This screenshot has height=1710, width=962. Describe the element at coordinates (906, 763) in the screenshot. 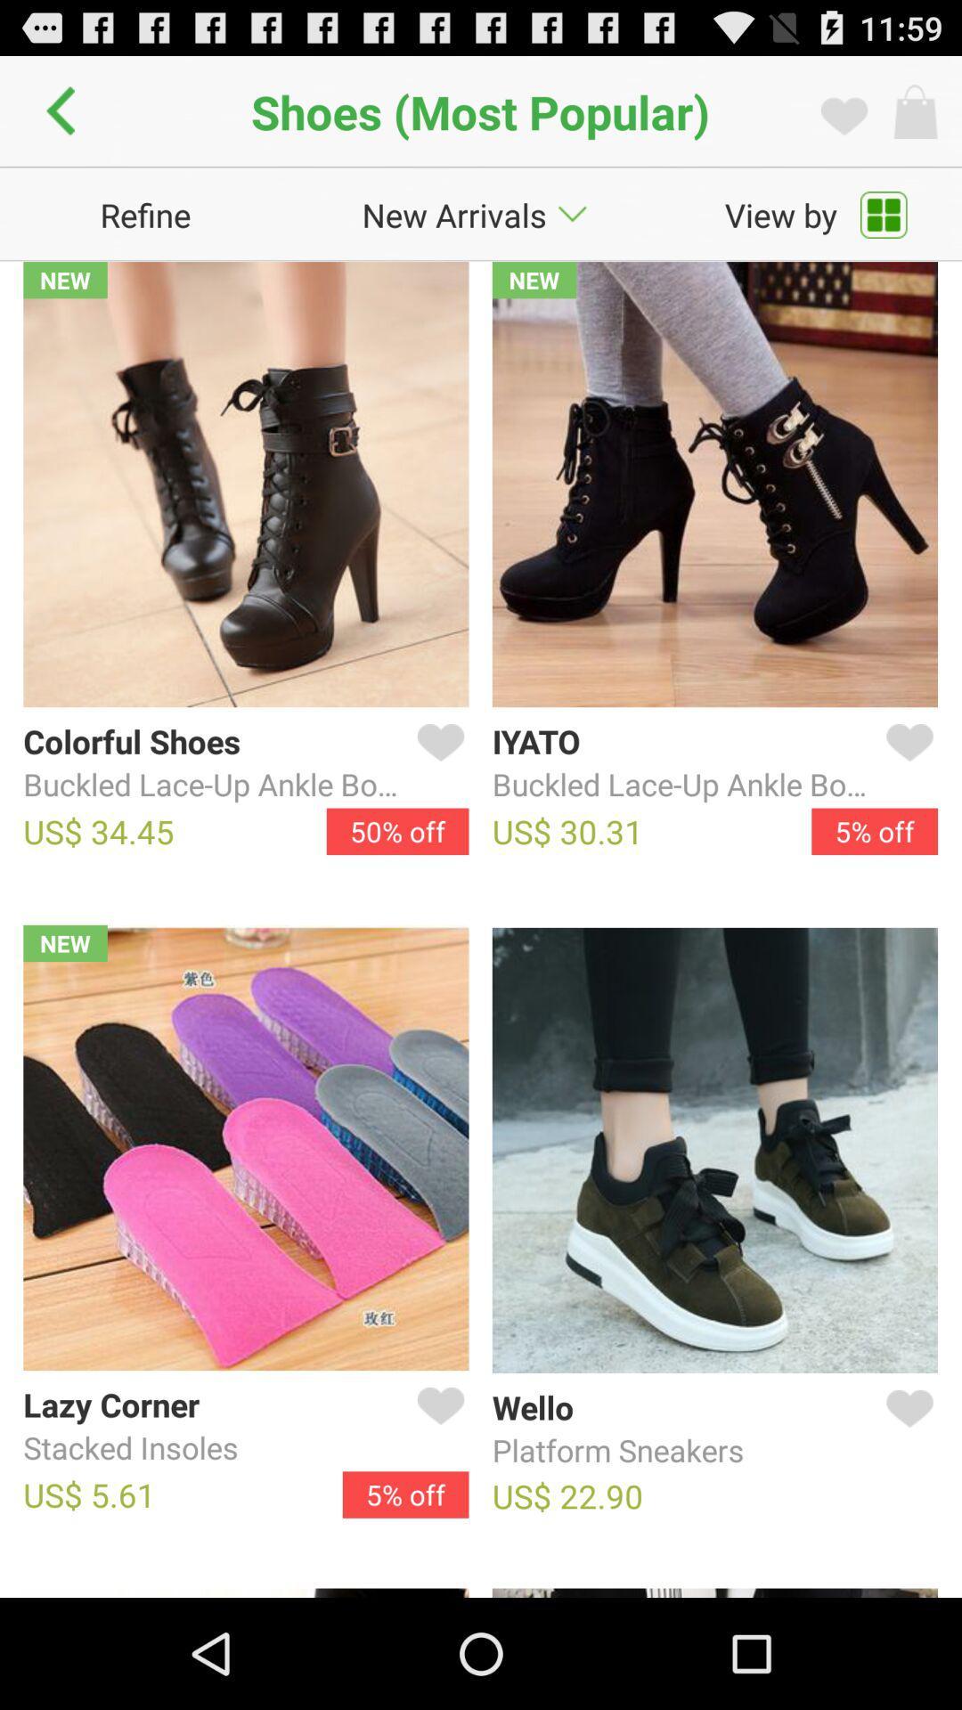

I see `love item` at that location.